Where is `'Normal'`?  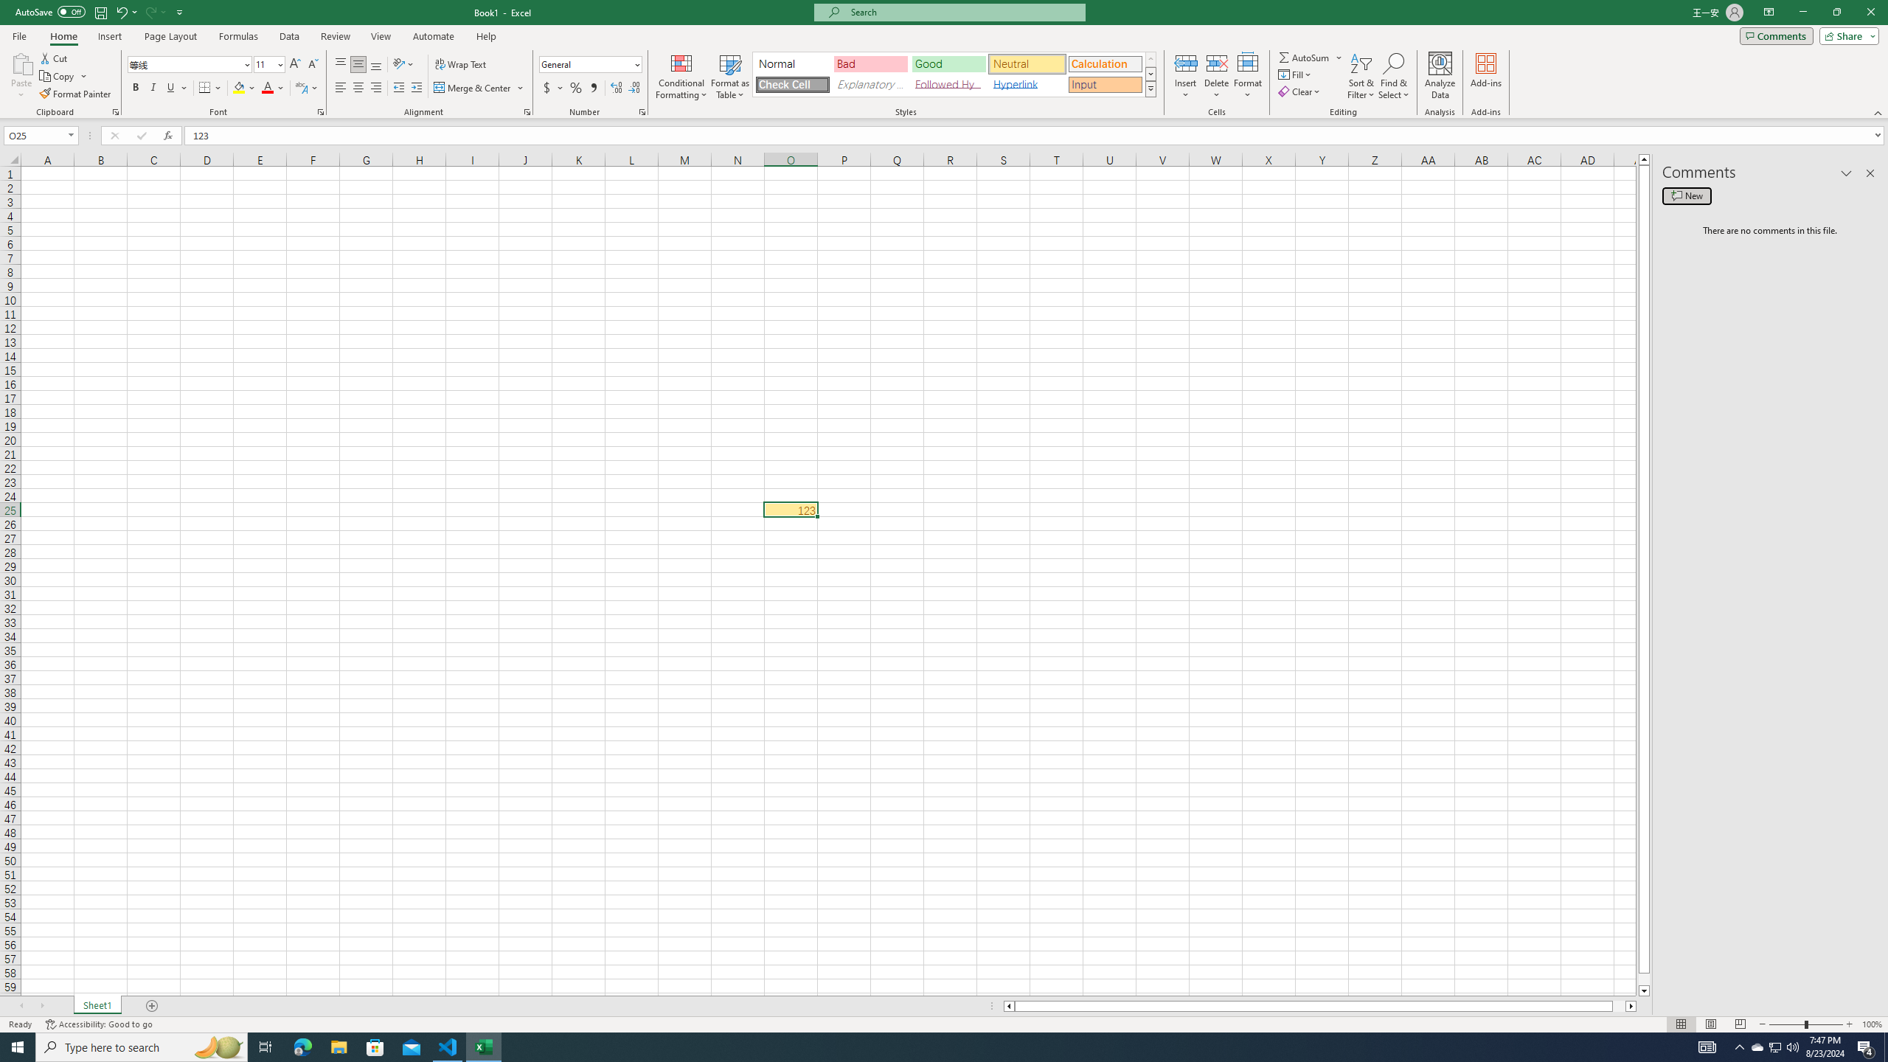
'Normal' is located at coordinates (793, 64).